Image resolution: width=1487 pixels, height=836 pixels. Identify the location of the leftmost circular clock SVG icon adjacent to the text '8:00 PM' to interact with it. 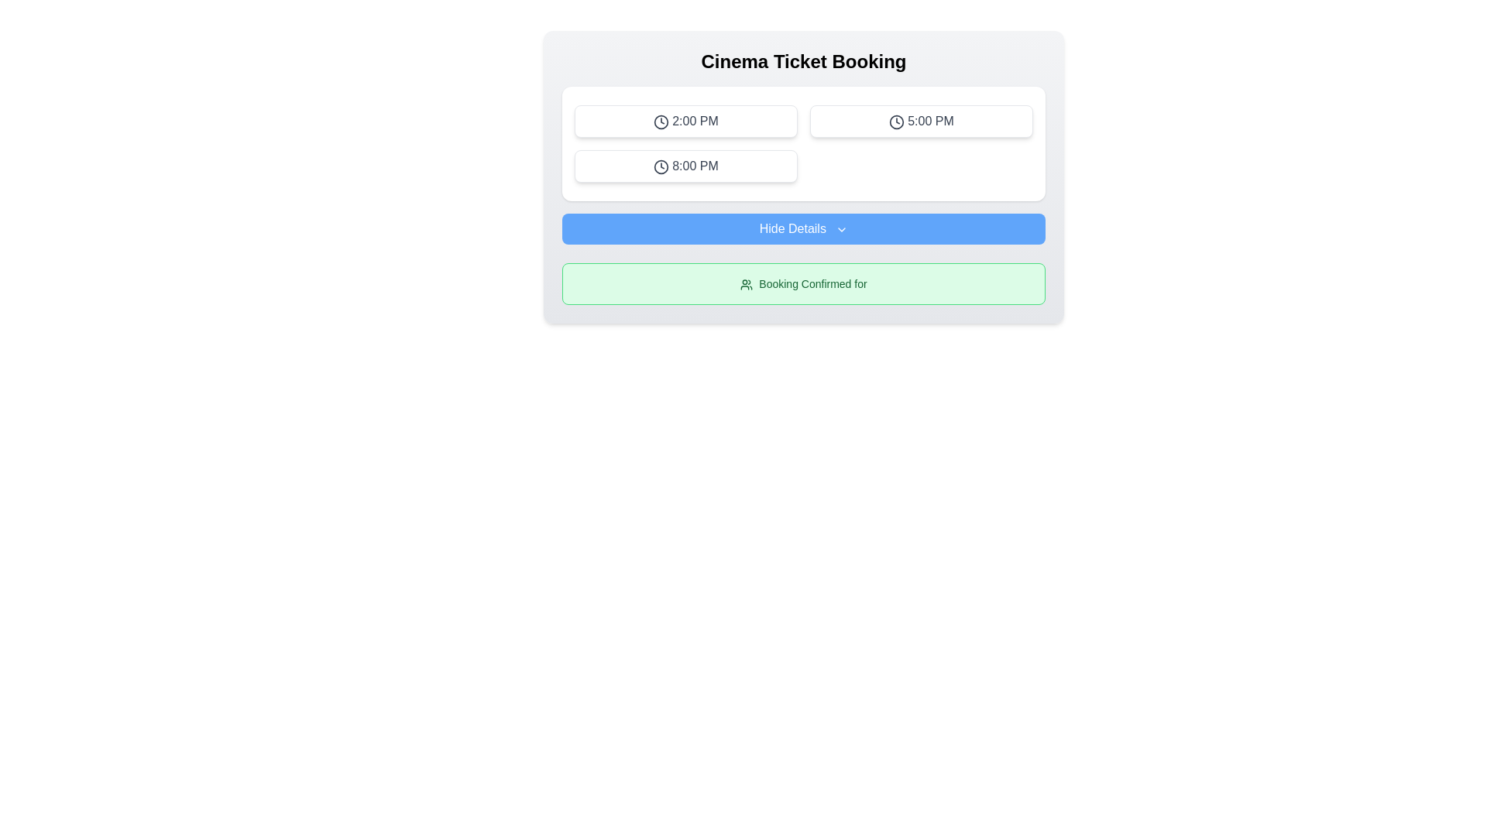
(661, 166).